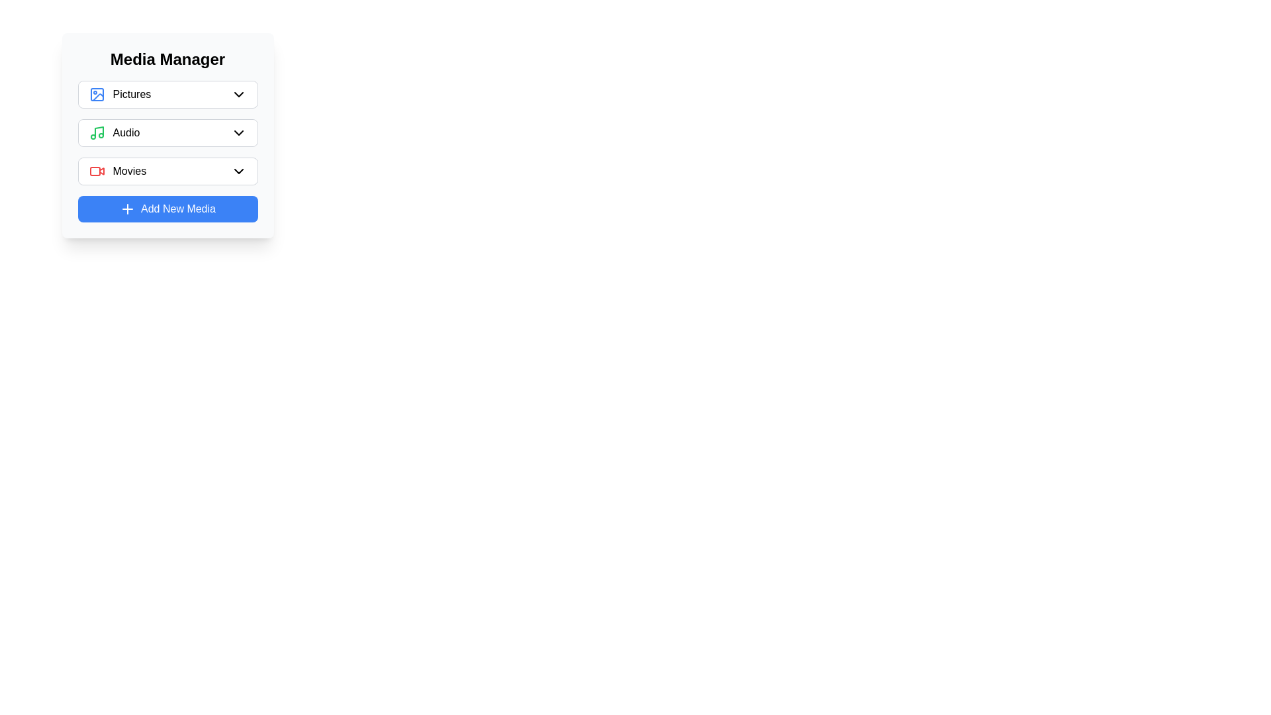 This screenshot has height=715, width=1271. Describe the element at coordinates (96, 132) in the screenshot. I see `the green musical note icon located in the second row of the media type selection menu, positioned to the left of the text label 'Audio'` at that location.